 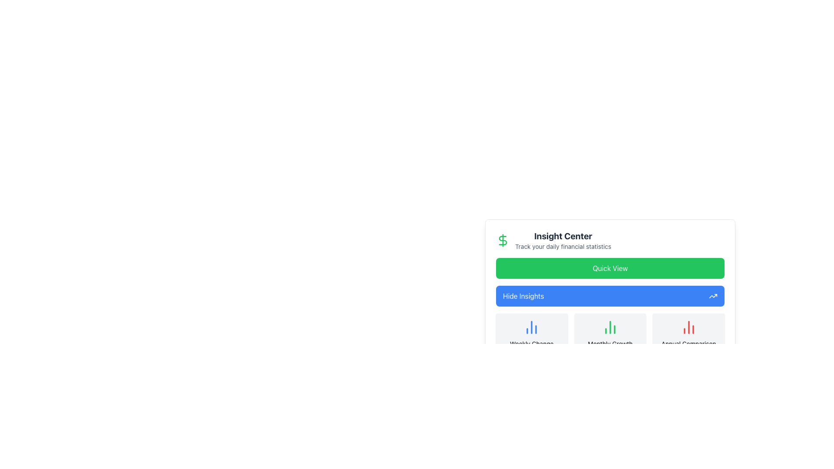 I want to click on the upward trending arrow icon located on the right side of the 'Hide Insights' button, so click(x=713, y=296).